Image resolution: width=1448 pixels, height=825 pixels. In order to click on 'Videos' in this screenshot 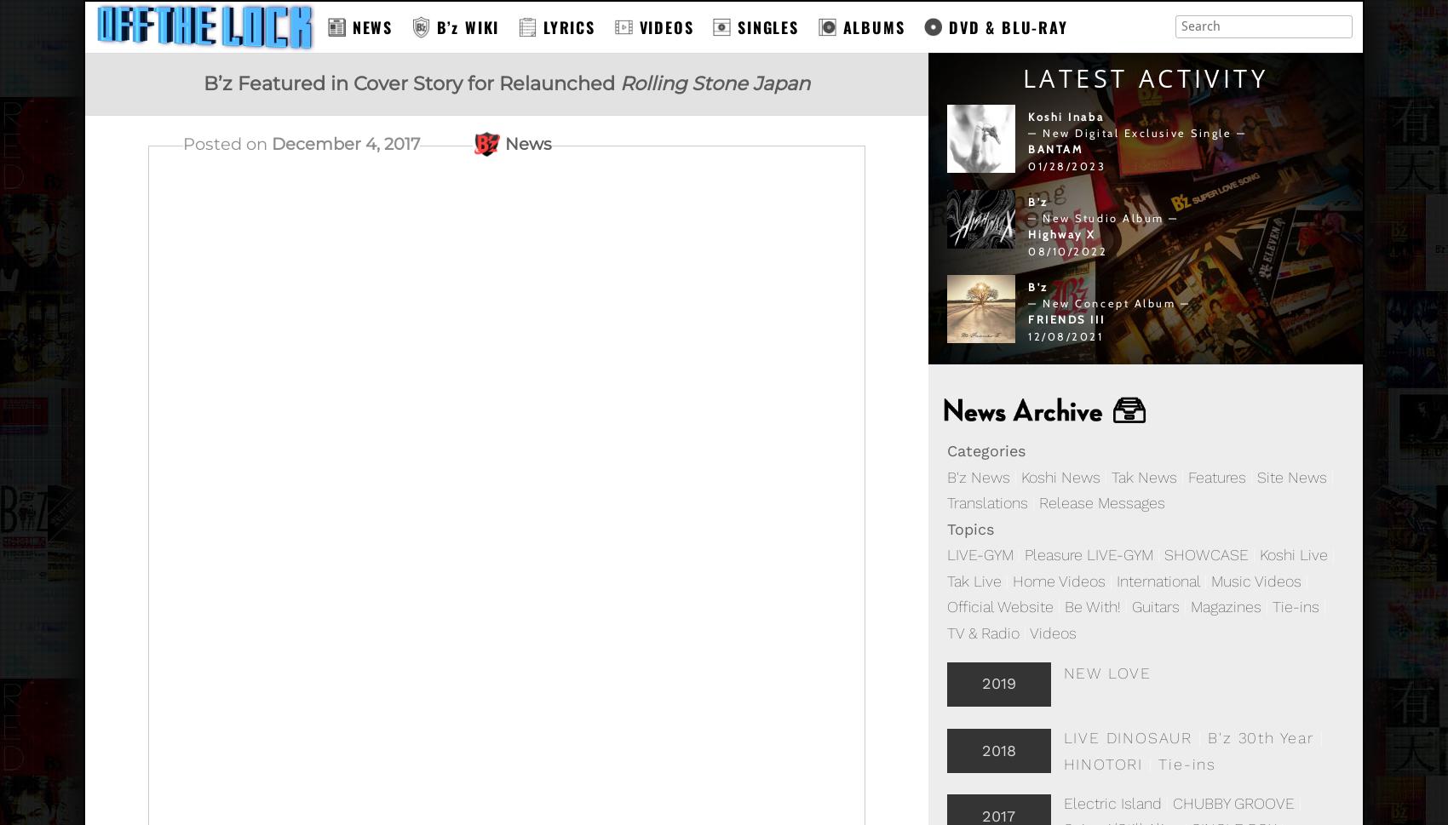, I will do `click(1029, 633)`.